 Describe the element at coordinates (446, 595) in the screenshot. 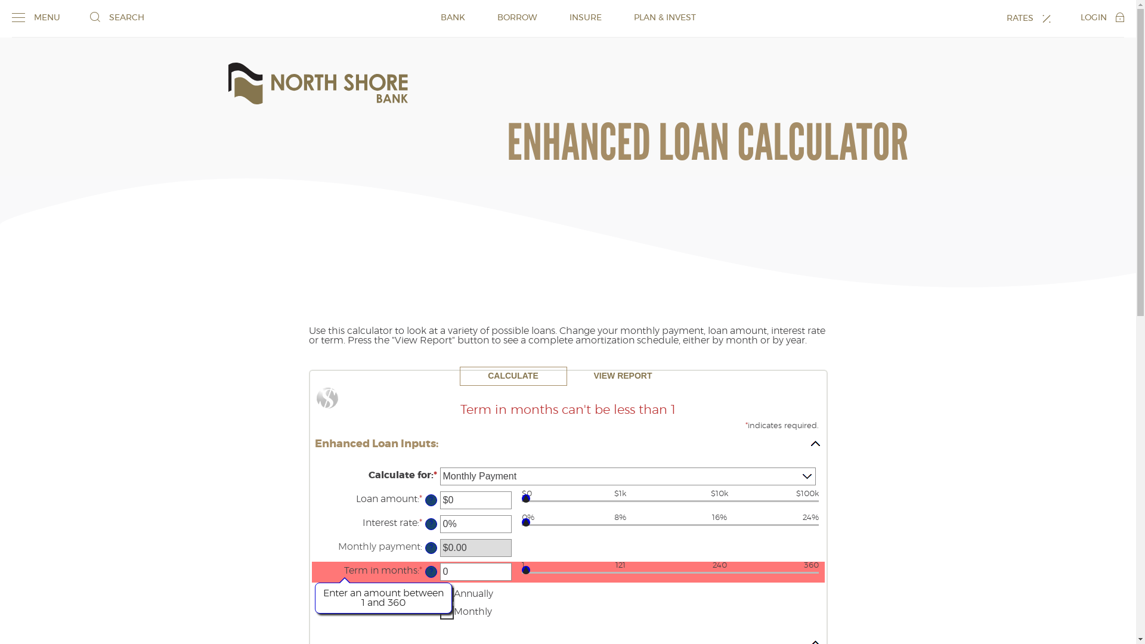

I see `'Report amortization: Annually'` at that location.